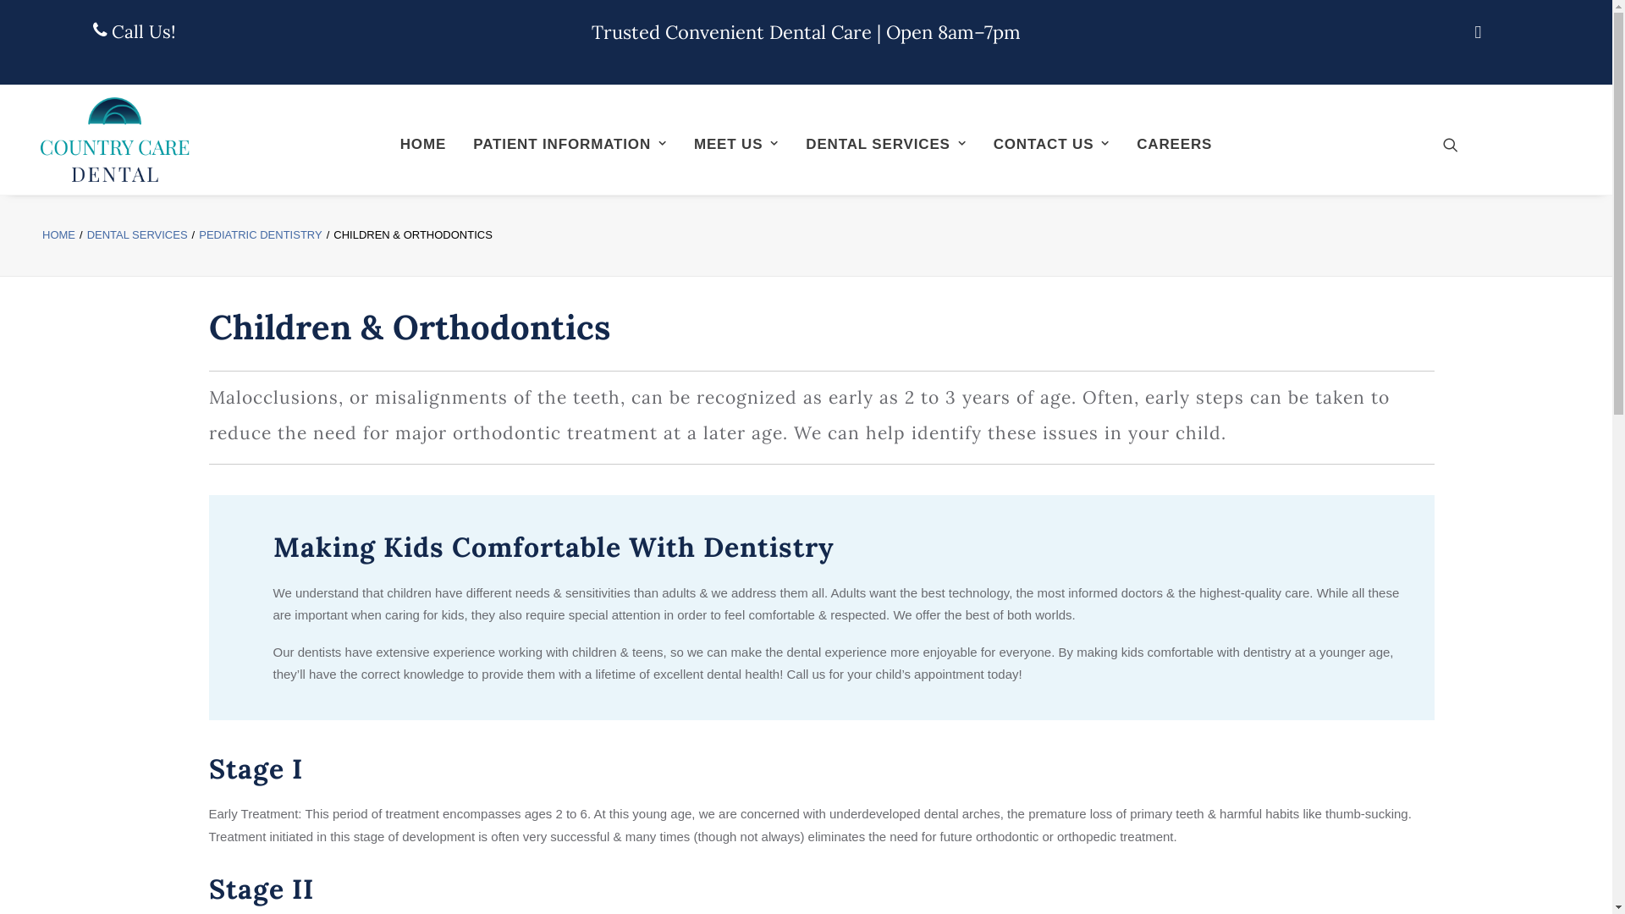 The image size is (1625, 914). What do you see at coordinates (137, 234) in the screenshot?
I see `'DENTAL SERVICES'` at bounding box center [137, 234].